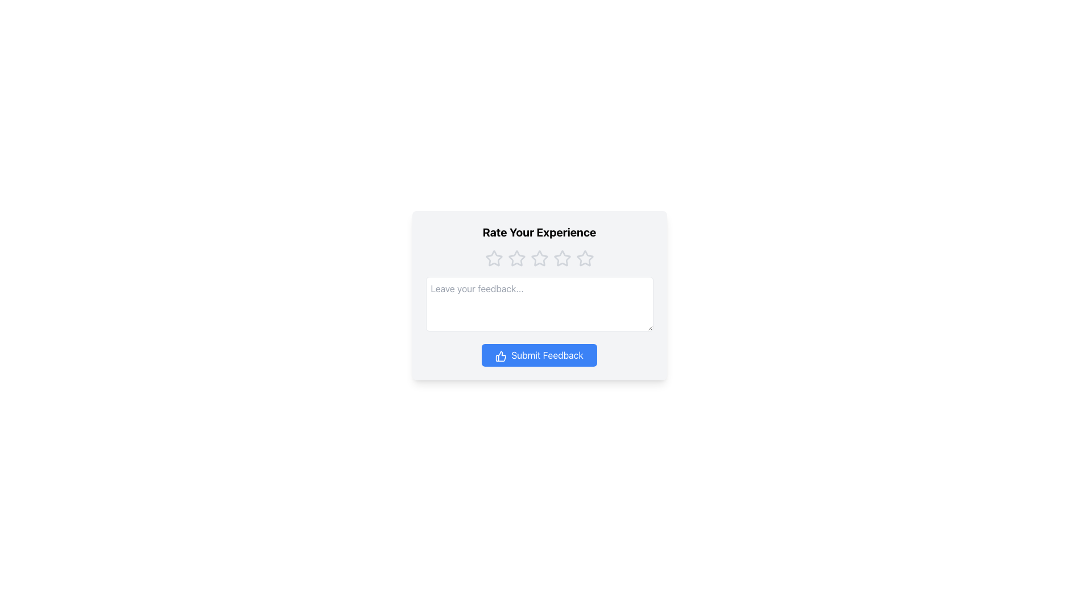 This screenshot has height=614, width=1092. What do you see at coordinates (562, 259) in the screenshot?
I see `the fifth star icon in the rating row` at bounding box center [562, 259].